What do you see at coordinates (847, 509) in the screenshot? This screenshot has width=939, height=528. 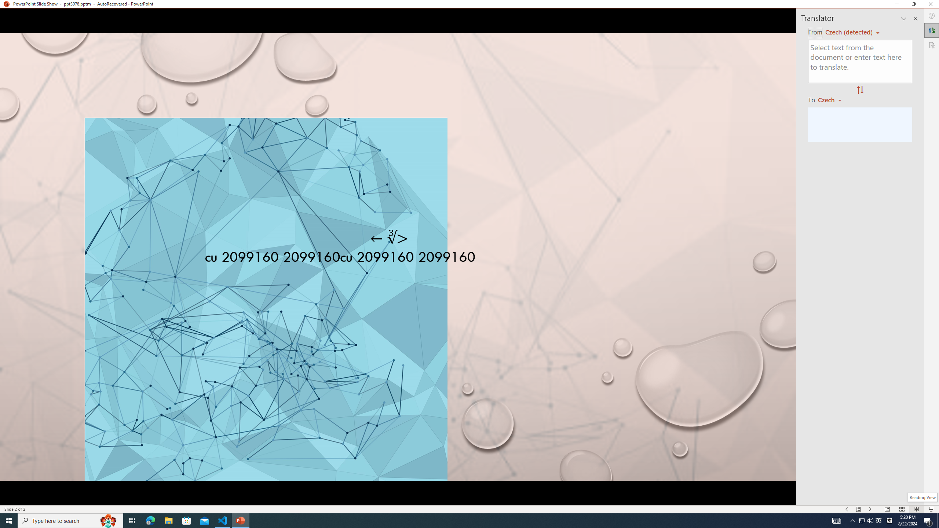 I see `'Slide Show Previous On'` at bounding box center [847, 509].